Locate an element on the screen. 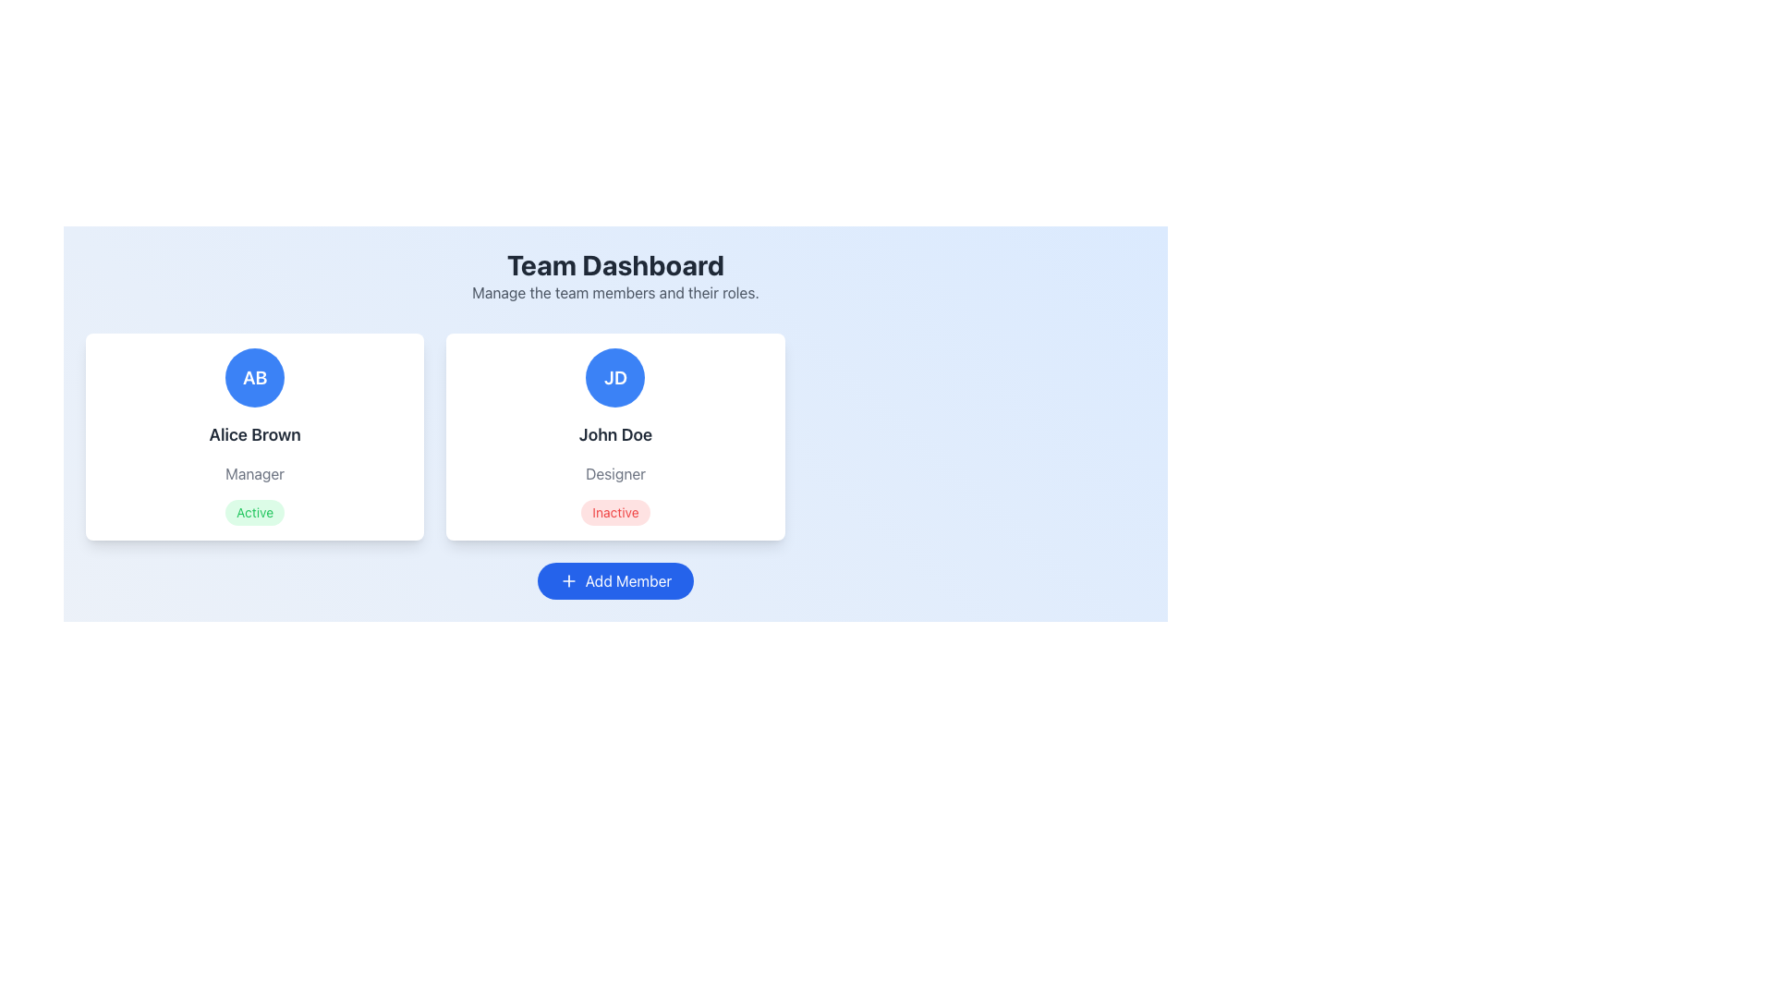 Image resolution: width=1774 pixels, height=998 pixels. the visual avatar or badge representing 'John Doe', located in the upper center region of the card is located at coordinates (615, 376).